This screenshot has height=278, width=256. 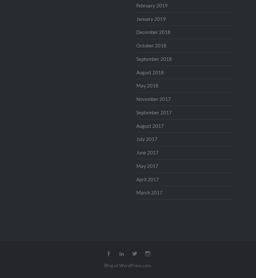 What do you see at coordinates (147, 152) in the screenshot?
I see `'June 2017'` at bounding box center [147, 152].